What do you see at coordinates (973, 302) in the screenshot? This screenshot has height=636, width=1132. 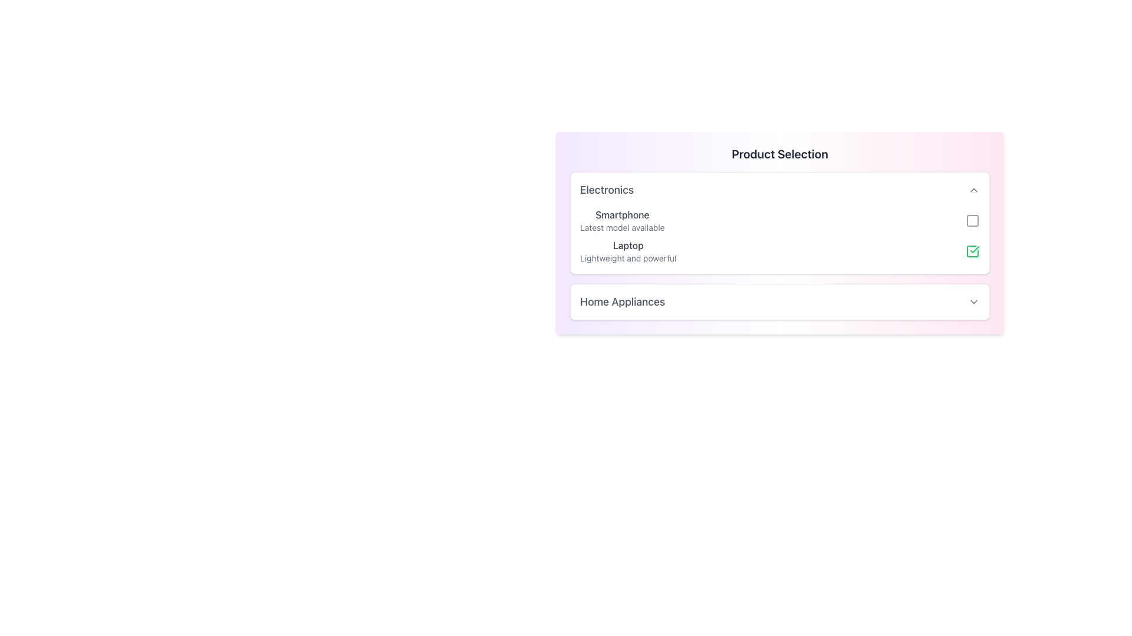 I see `the downward-pointing chevron icon to the right of the 'Home Appliances' text` at bounding box center [973, 302].